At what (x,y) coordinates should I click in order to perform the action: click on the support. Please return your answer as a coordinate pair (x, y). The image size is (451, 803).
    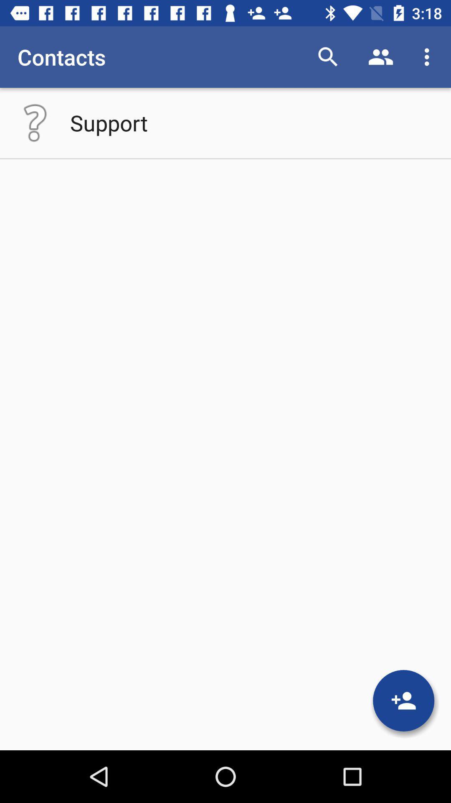
    Looking at the image, I should click on (109, 122).